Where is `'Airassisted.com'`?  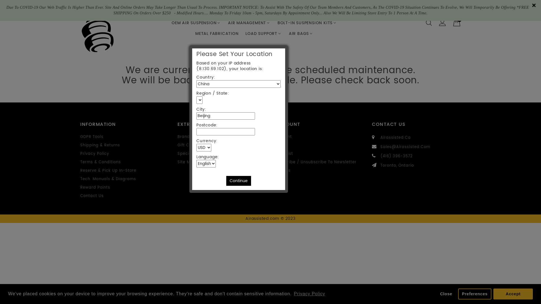
'Airassisted.com' is located at coordinates (98, 35).